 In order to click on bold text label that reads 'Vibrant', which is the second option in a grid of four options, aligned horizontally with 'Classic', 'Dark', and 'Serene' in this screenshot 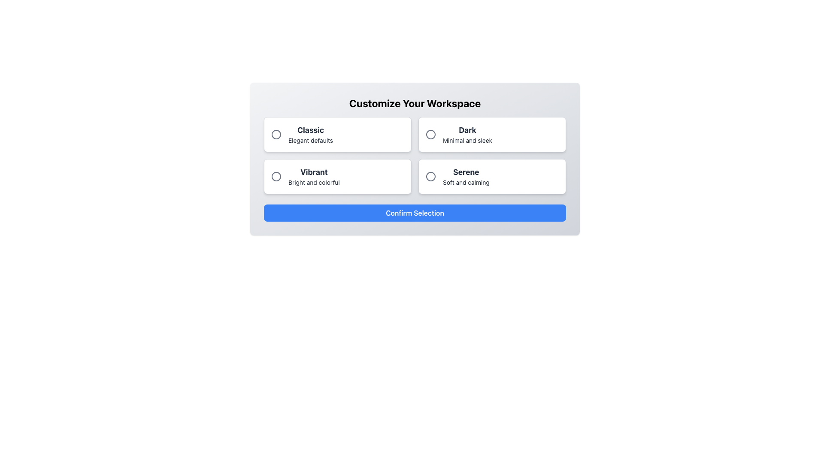, I will do `click(313, 172)`.